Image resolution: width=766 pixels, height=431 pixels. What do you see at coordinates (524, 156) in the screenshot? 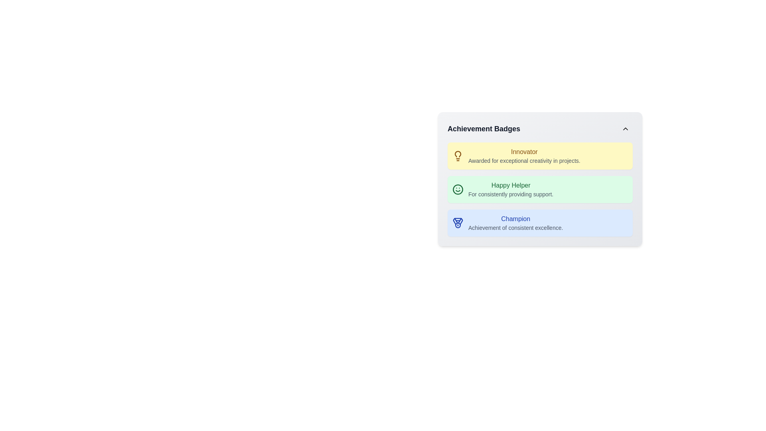
I see `the 'Innovator' badge description text block located at the top of the 'Achievement Badges' section, which provides recognition for creativity` at bounding box center [524, 156].